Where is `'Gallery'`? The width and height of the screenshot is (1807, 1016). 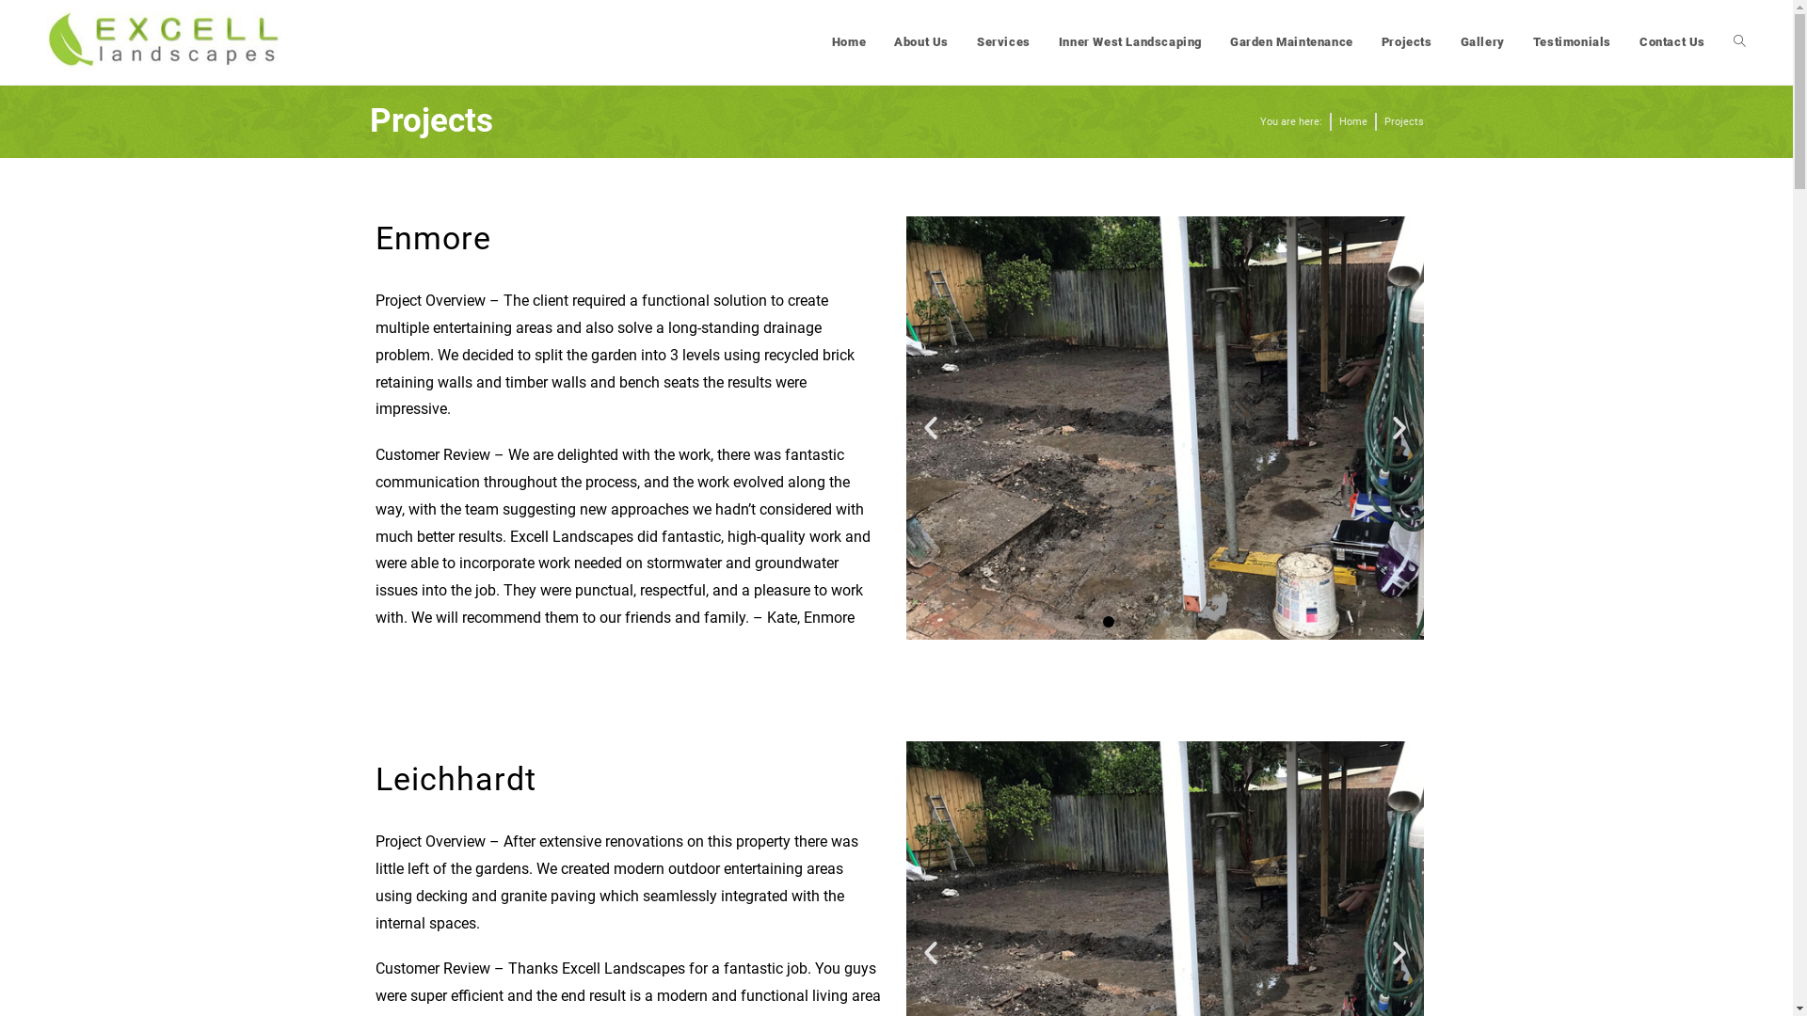 'Gallery' is located at coordinates (1481, 42).